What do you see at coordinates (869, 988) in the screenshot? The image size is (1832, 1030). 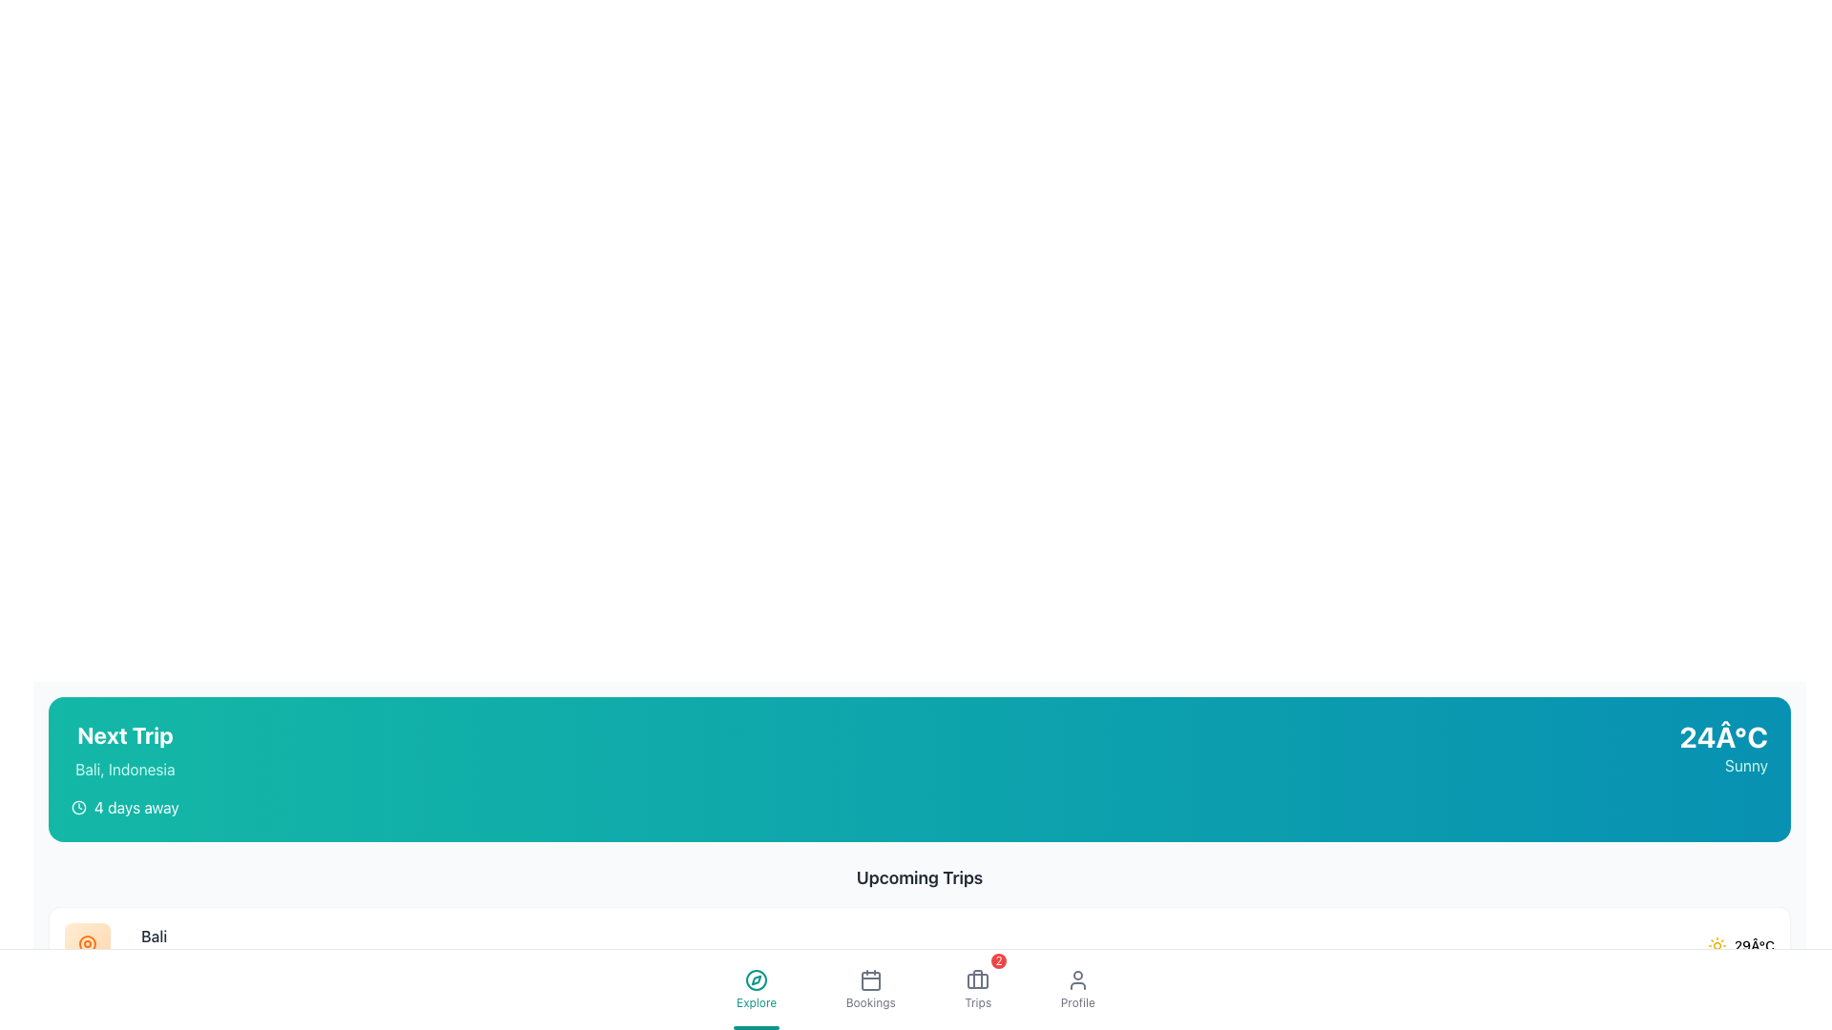 I see `the 'Bookings' button, which features a small calendar icon above the text and is positioned between 'Explore' and 'Trips' in the navigation menu` at bounding box center [869, 988].